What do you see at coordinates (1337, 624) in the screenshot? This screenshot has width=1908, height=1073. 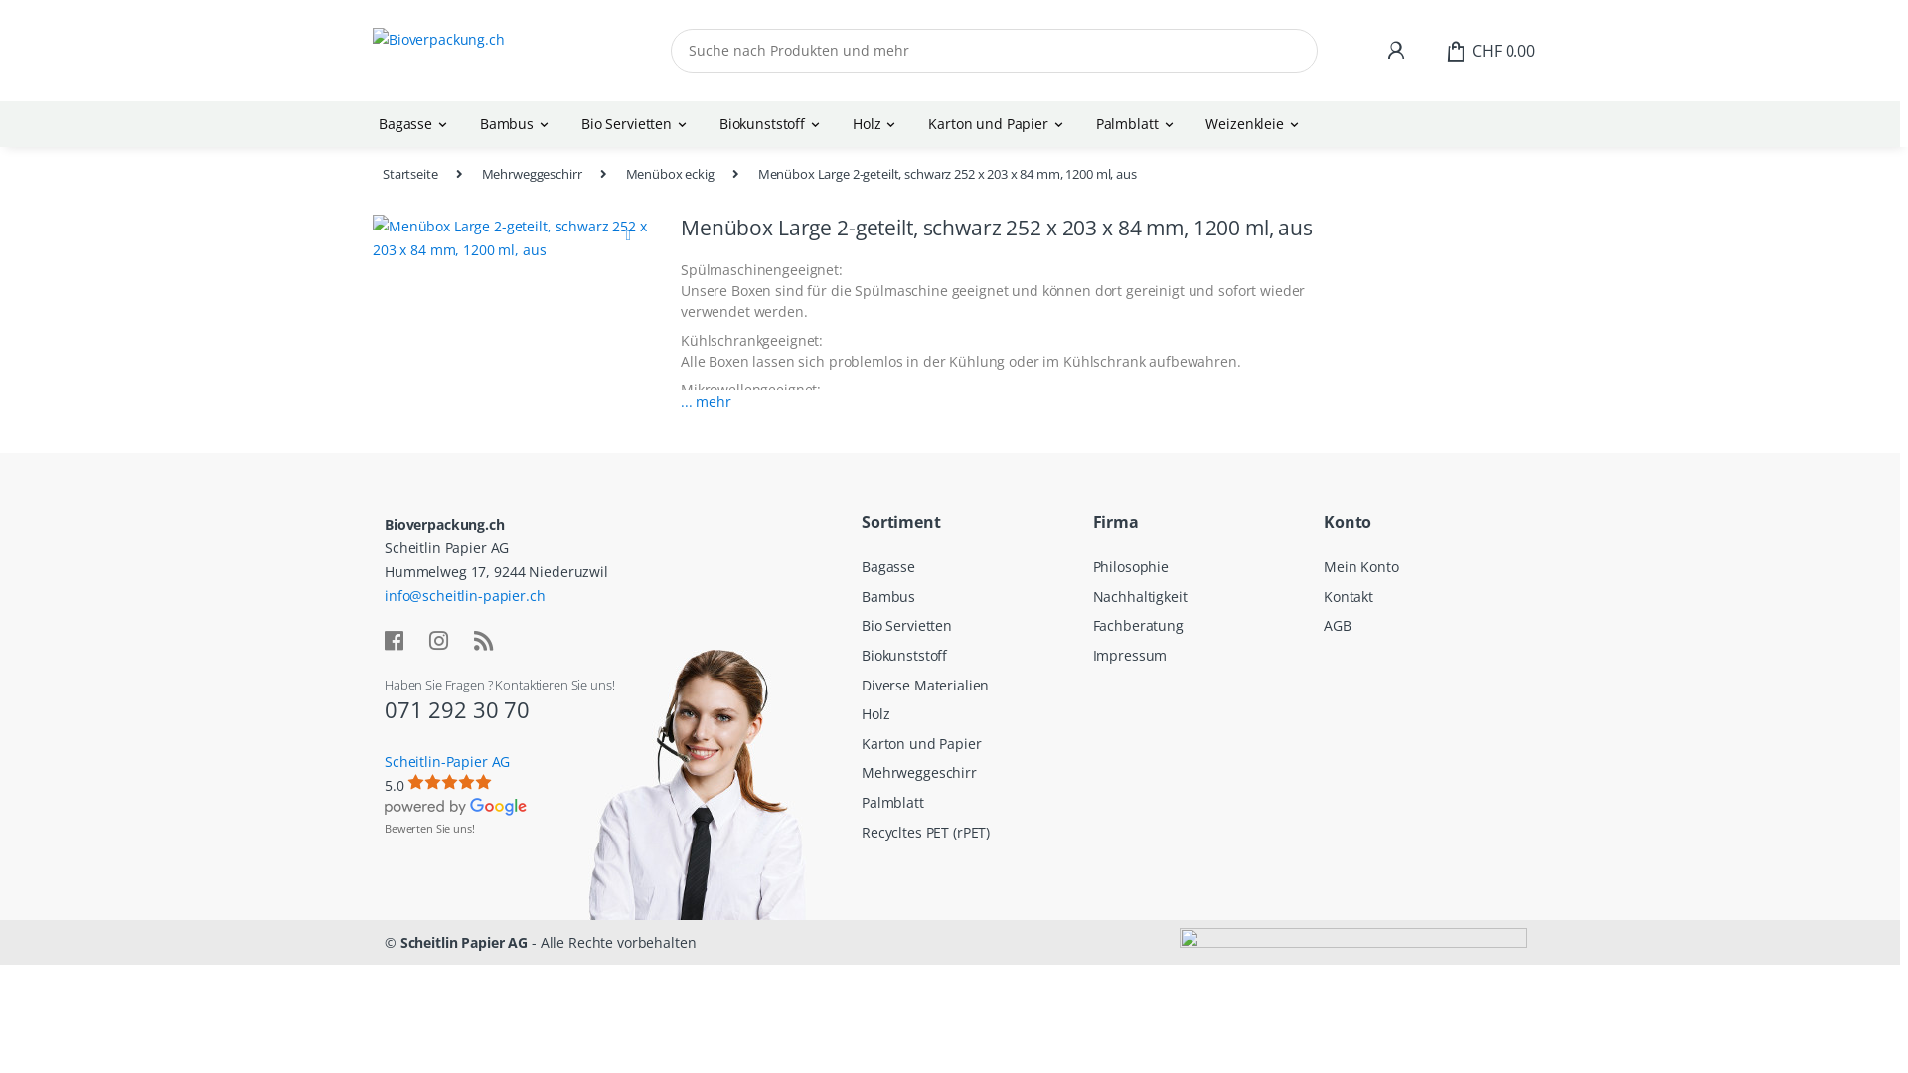 I see `'AGB'` at bounding box center [1337, 624].